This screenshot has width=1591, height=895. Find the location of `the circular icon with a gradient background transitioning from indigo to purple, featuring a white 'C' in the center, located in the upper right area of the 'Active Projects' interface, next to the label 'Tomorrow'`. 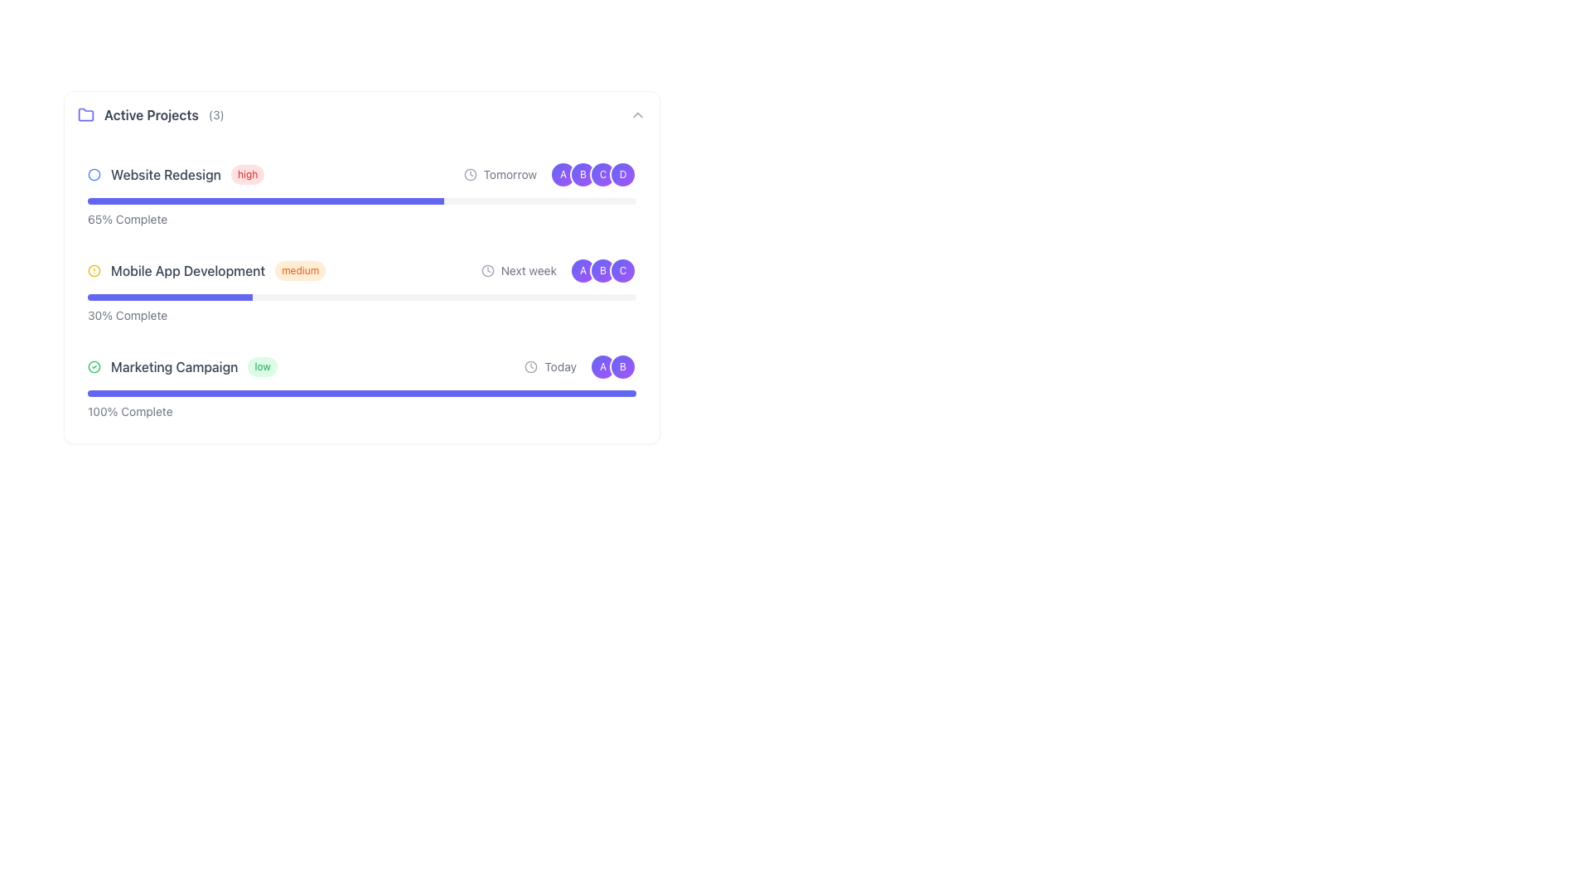

the circular icon with a gradient background transitioning from indigo to purple, featuring a white 'C' in the center, located in the upper right area of the 'Active Projects' interface, next to the label 'Tomorrow' is located at coordinates (602, 175).